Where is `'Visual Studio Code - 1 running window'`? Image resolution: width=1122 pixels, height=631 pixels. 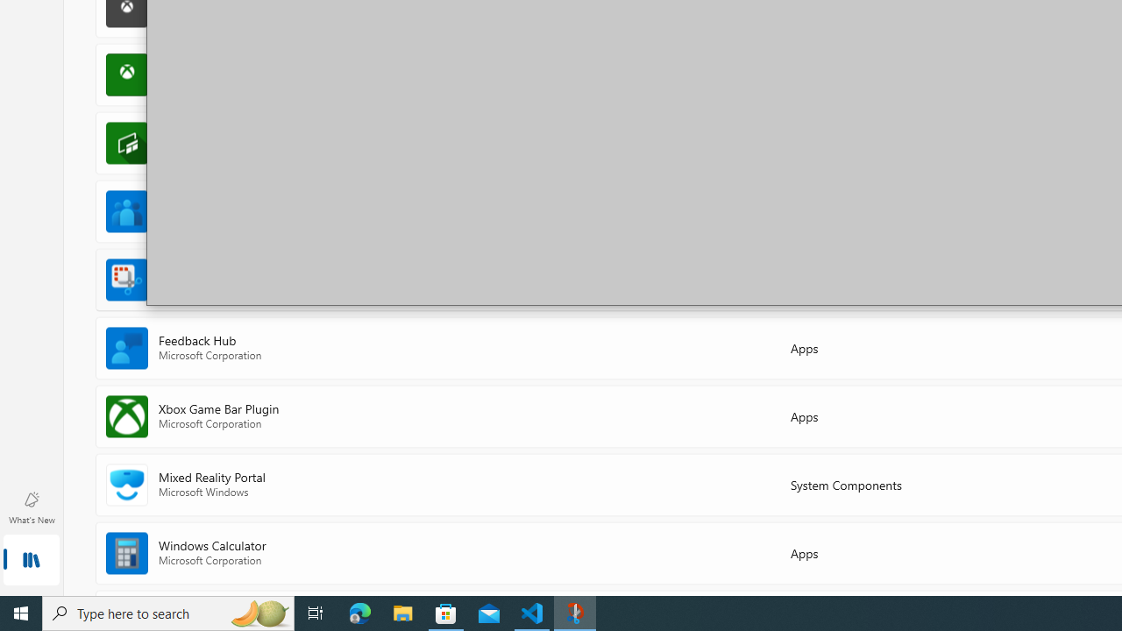 'Visual Studio Code - 1 running window' is located at coordinates (531, 612).